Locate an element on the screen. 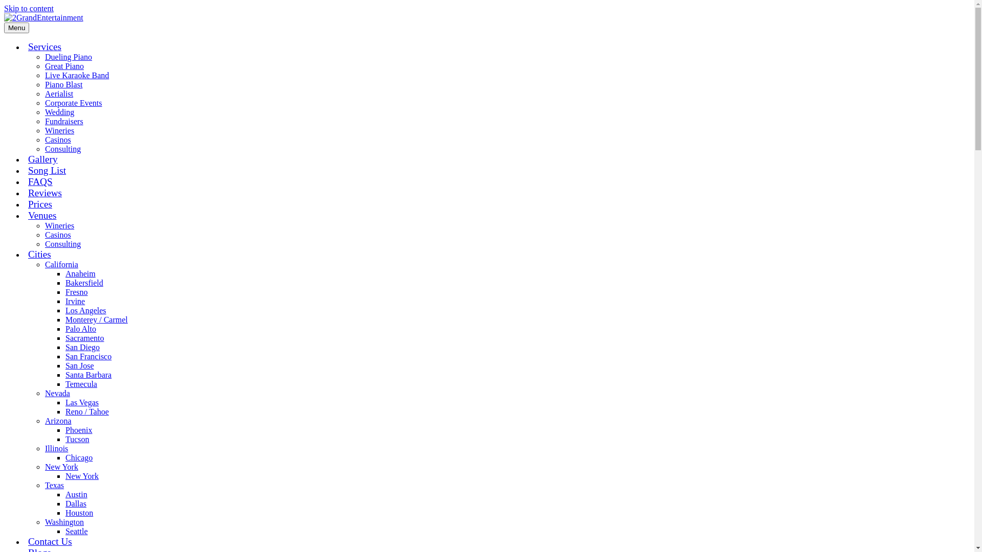  'Great Piano' is located at coordinates (63, 66).